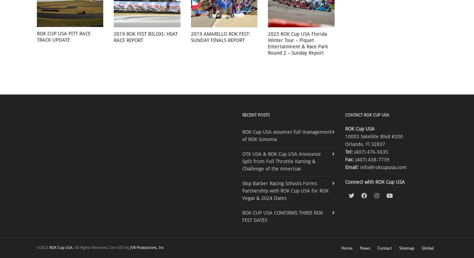 The width and height of the screenshot is (474, 258). Describe the element at coordinates (64, 36) in the screenshot. I see `'ROK CUP USA PITT RACE TRACK UPDATE'` at that location.